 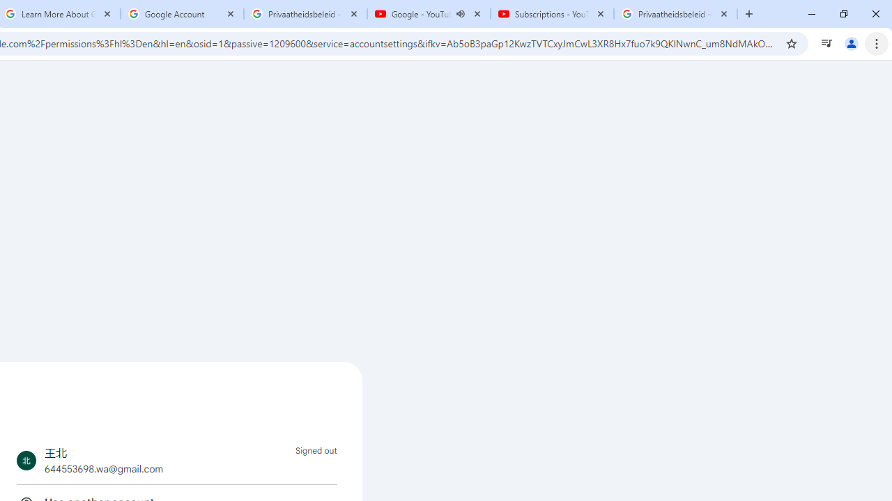 What do you see at coordinates (826, 42) in the screenshot?
I see `'Control your music, videos, and more'` at bounding box center [826, 42].